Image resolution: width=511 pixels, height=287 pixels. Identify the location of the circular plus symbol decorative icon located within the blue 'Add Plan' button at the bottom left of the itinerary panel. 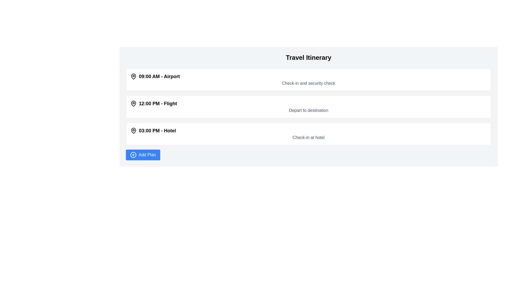
(133, 155).